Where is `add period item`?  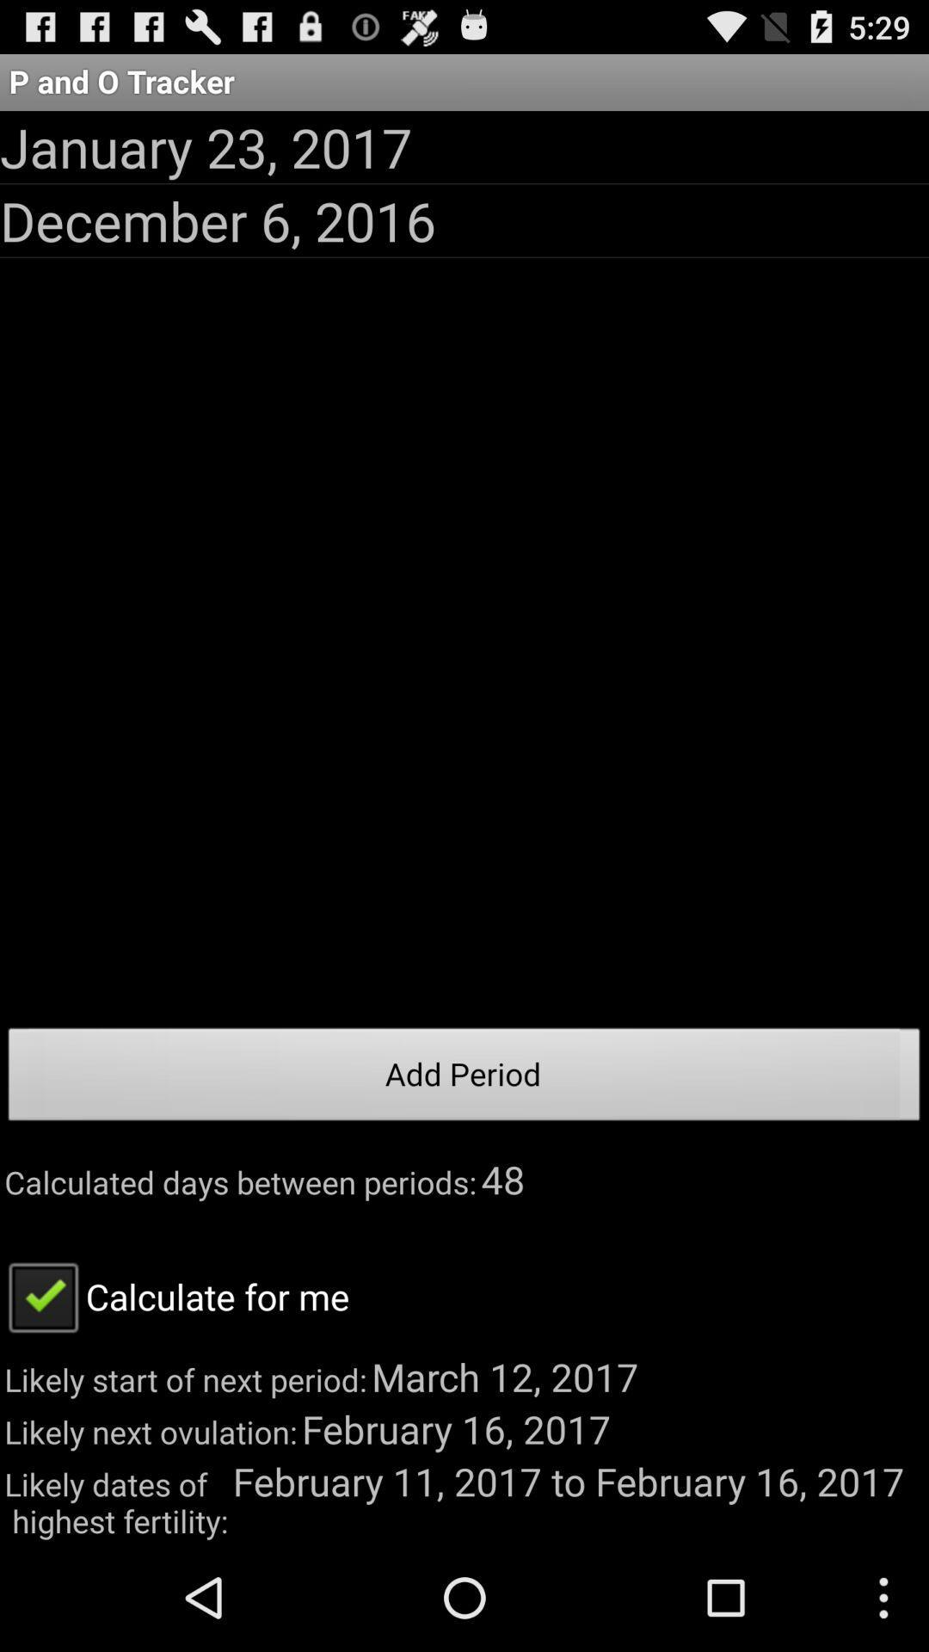
add period item is located at coordinates (464, 1078).